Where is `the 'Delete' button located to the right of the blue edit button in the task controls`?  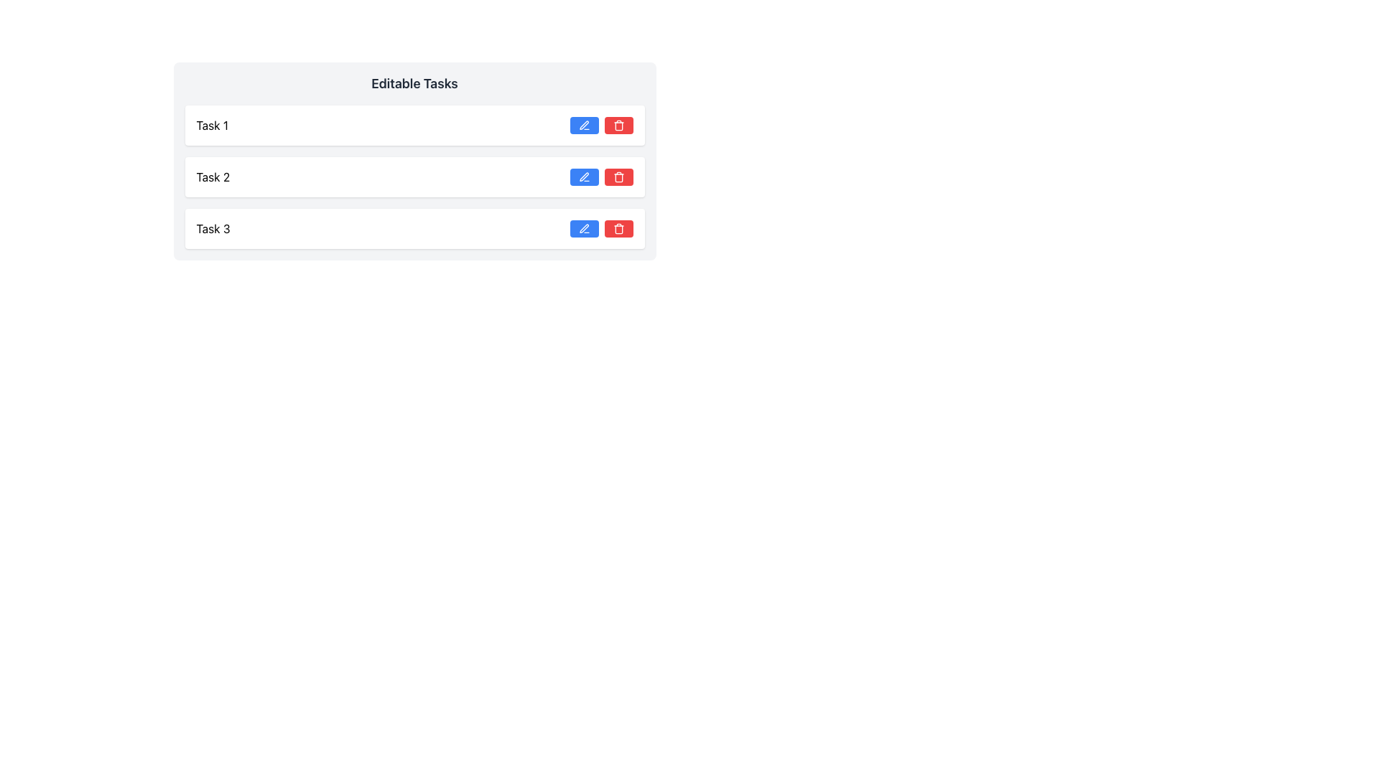 the 'Delete' button located to the right of the blue edit button in the task controls is located at coordinates (618, 124).